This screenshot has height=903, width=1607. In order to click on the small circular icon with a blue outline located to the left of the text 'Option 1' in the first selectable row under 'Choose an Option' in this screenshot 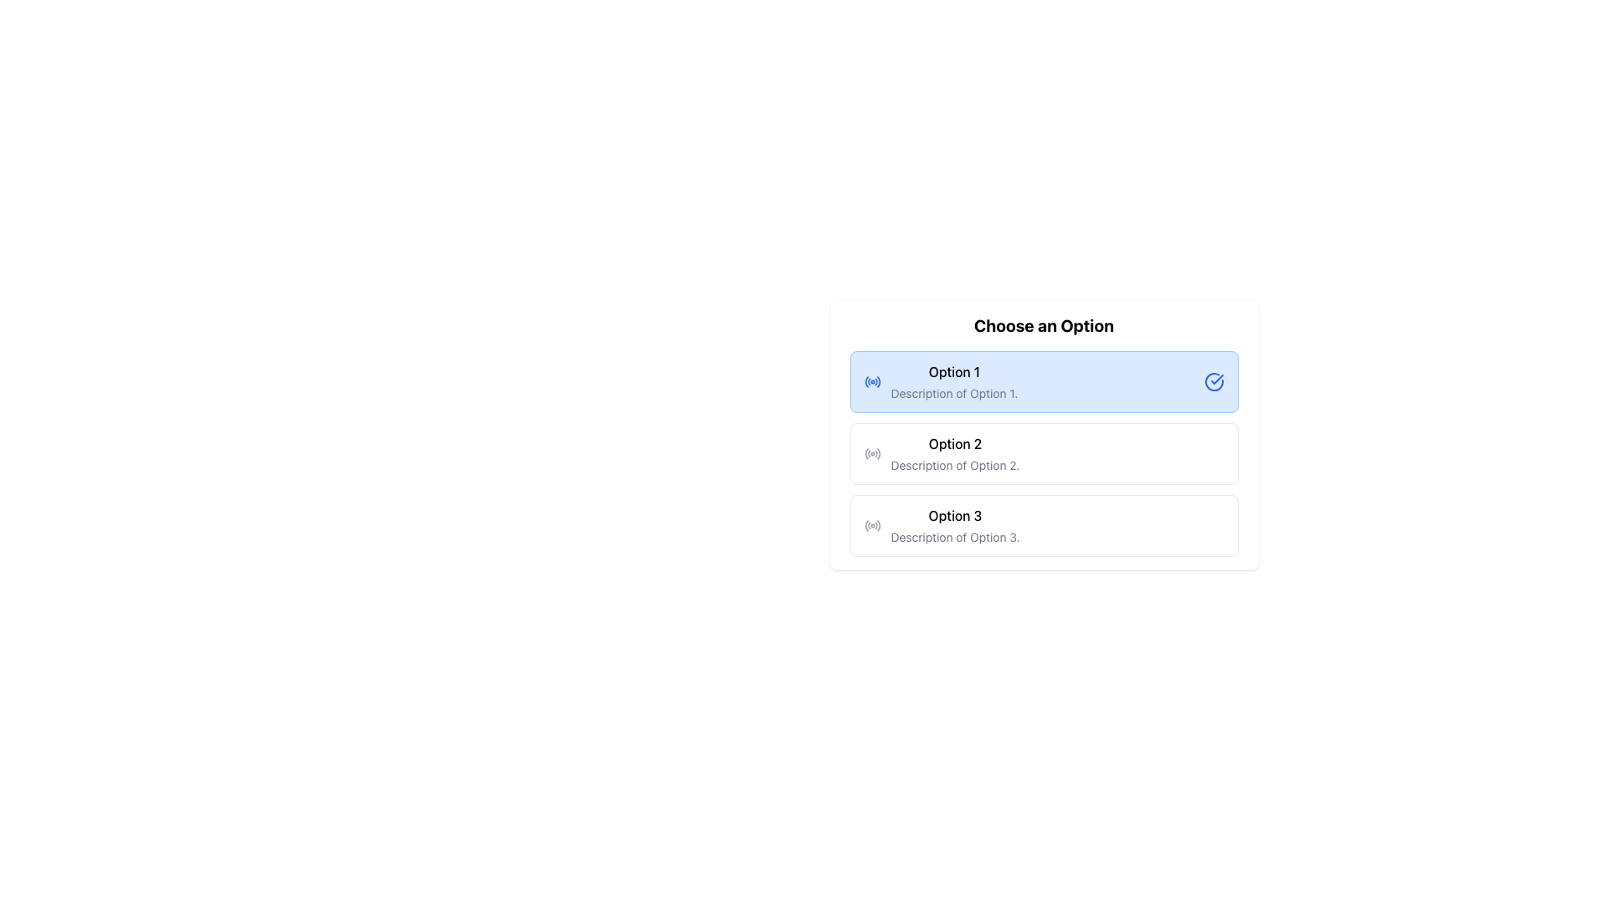, I will do `click(871, 381)`.